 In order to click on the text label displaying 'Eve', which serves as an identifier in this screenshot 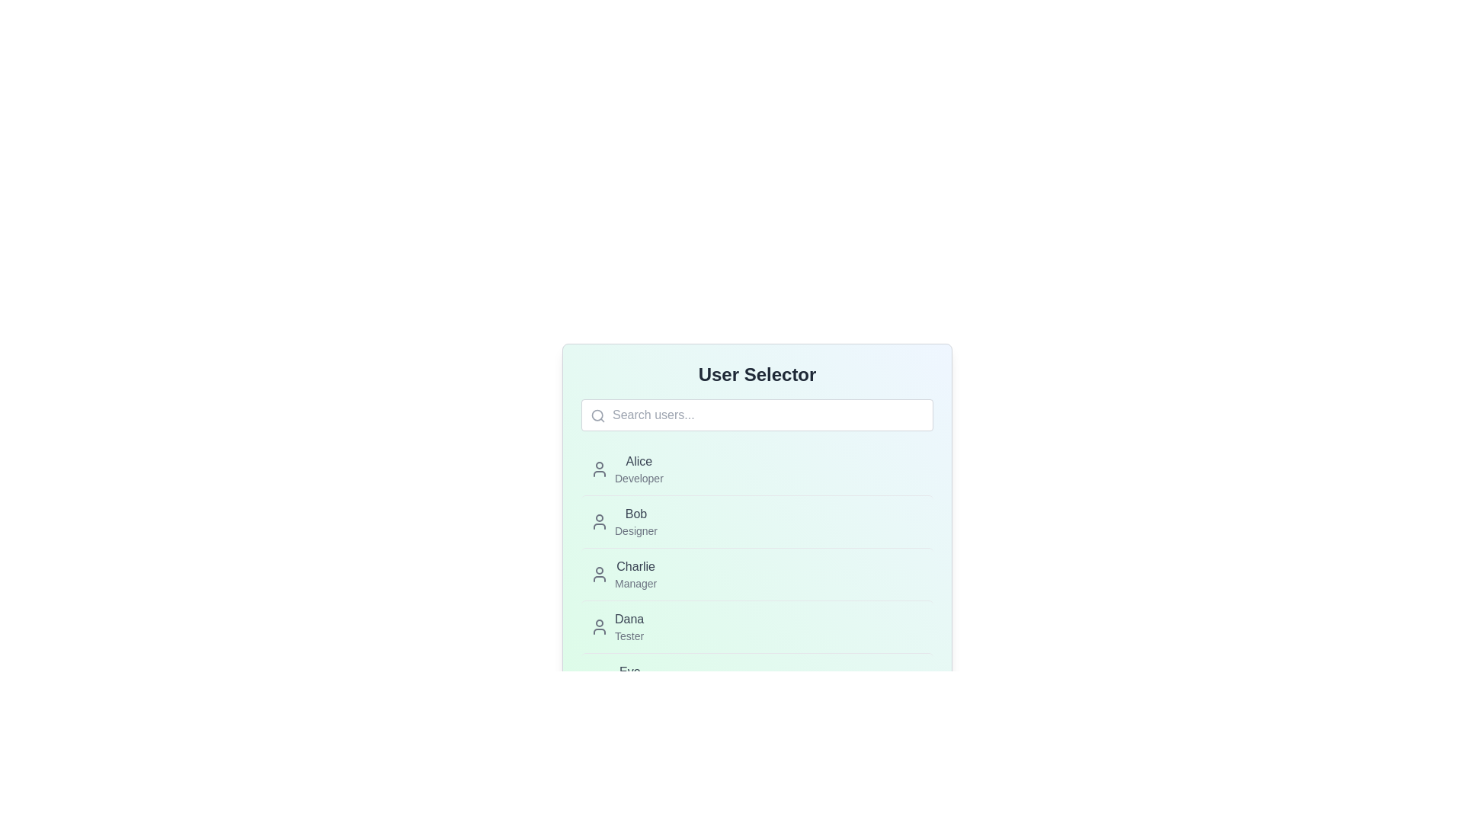, I will do `click(629, 671)`.